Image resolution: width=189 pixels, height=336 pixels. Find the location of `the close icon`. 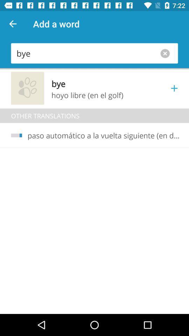

the close icon is located at coordinates (166, 53).